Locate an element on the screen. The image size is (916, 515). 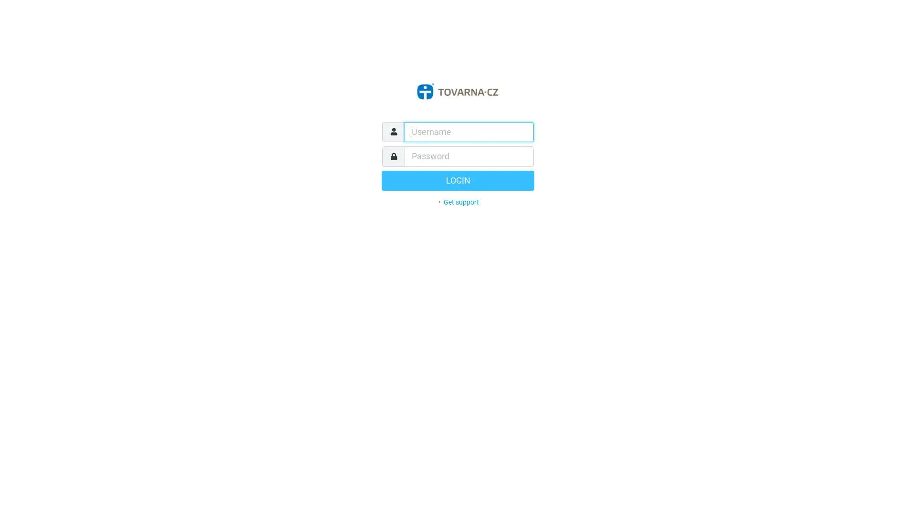
LOGIN is located at coordinates (458, 180).